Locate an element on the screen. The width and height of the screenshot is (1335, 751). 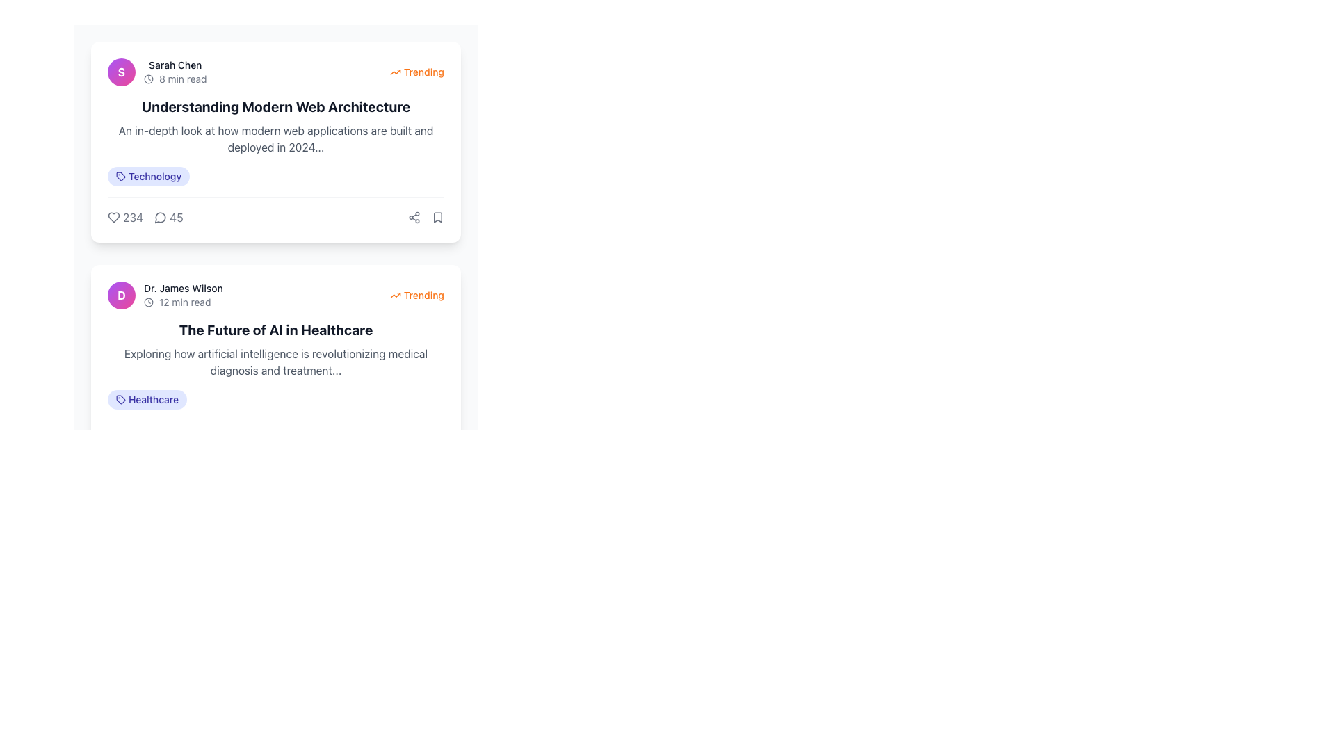
the interactive text with a speech bubble icon, which displays the number '45' is located at coordinates (168, 217).